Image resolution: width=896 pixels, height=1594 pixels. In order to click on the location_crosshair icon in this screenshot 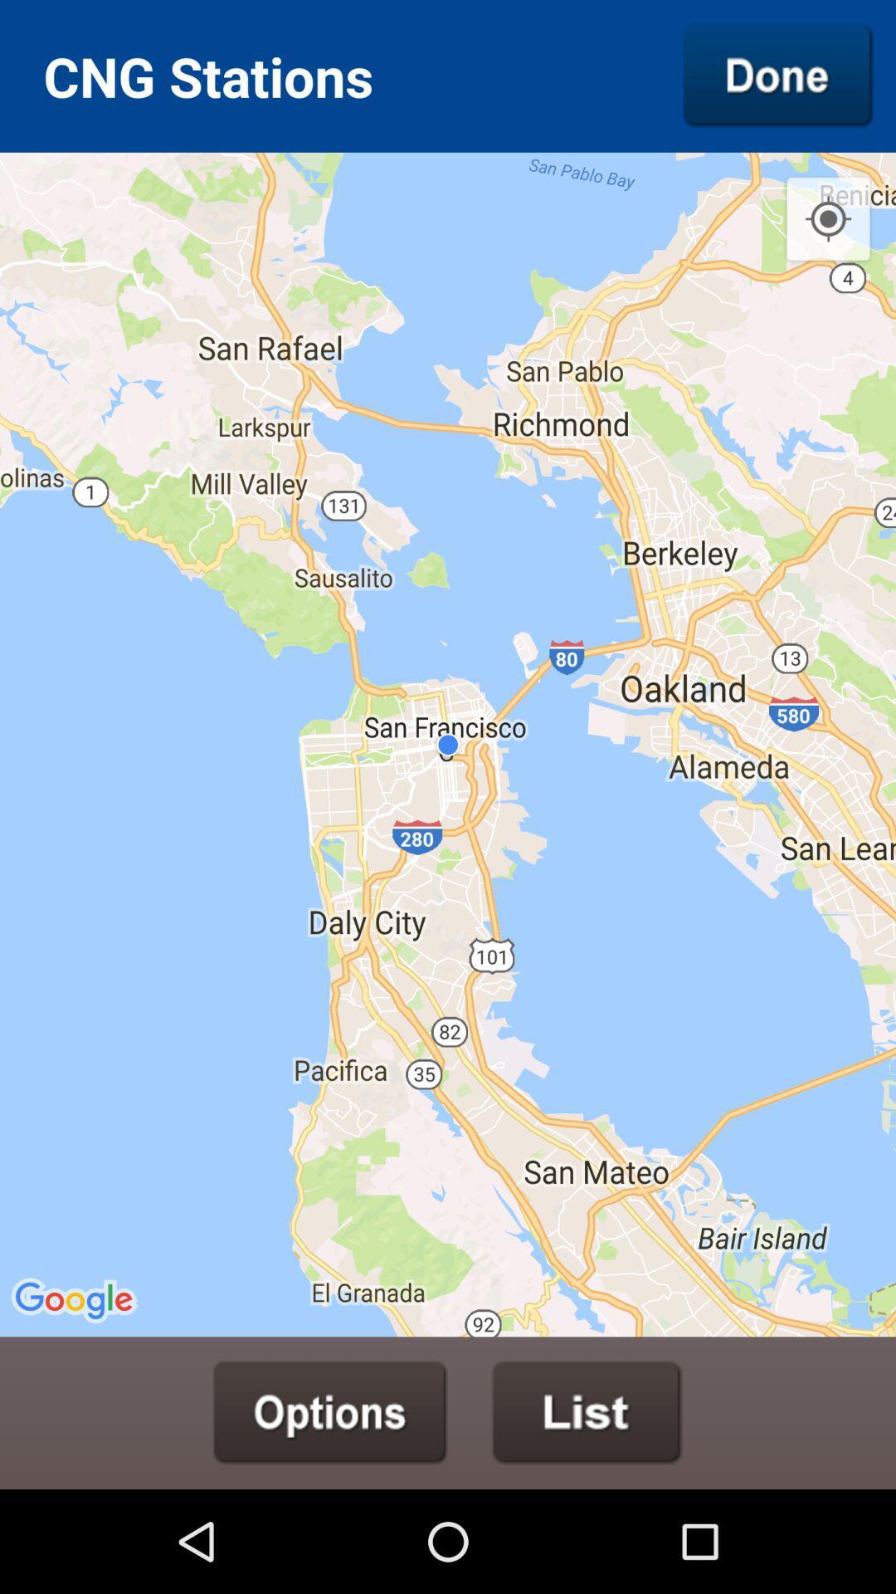, I will do `click(828, 234)`.